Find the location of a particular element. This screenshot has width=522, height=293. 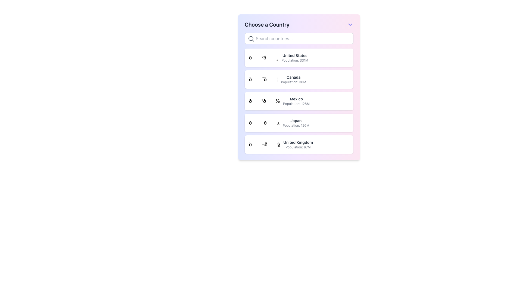

the Dropdown trigger icon located beside the 'Choose a Country' text is located at coordinates (350, 25).